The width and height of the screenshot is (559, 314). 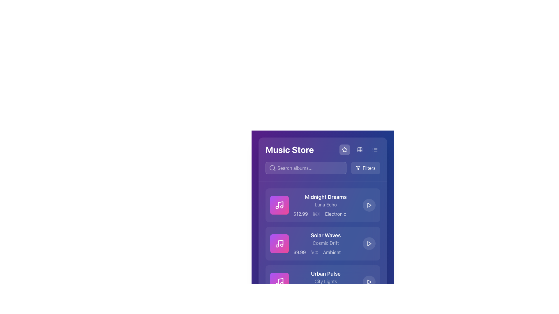 What do you see at coordinates (369, 243) in the screenshot?
I see `the play button for the 'Solar Waves' album, located in the third row to the right of its details` at bounding box center [369, 243].